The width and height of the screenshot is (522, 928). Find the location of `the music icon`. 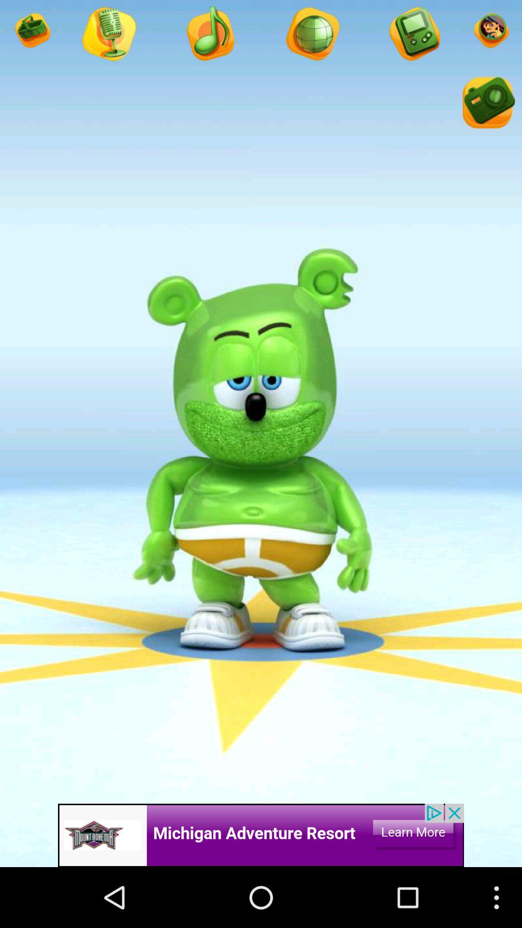

the music icon is located at coordinates (209, 37).